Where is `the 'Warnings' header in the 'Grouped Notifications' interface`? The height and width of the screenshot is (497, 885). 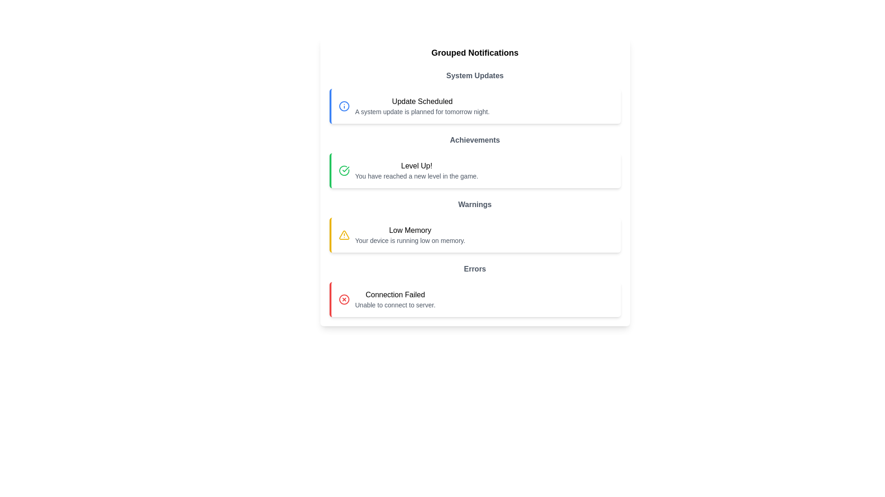
the 'Warnings' header in the 'Grouped Notifications' interface is located at coordinates (475, 204).